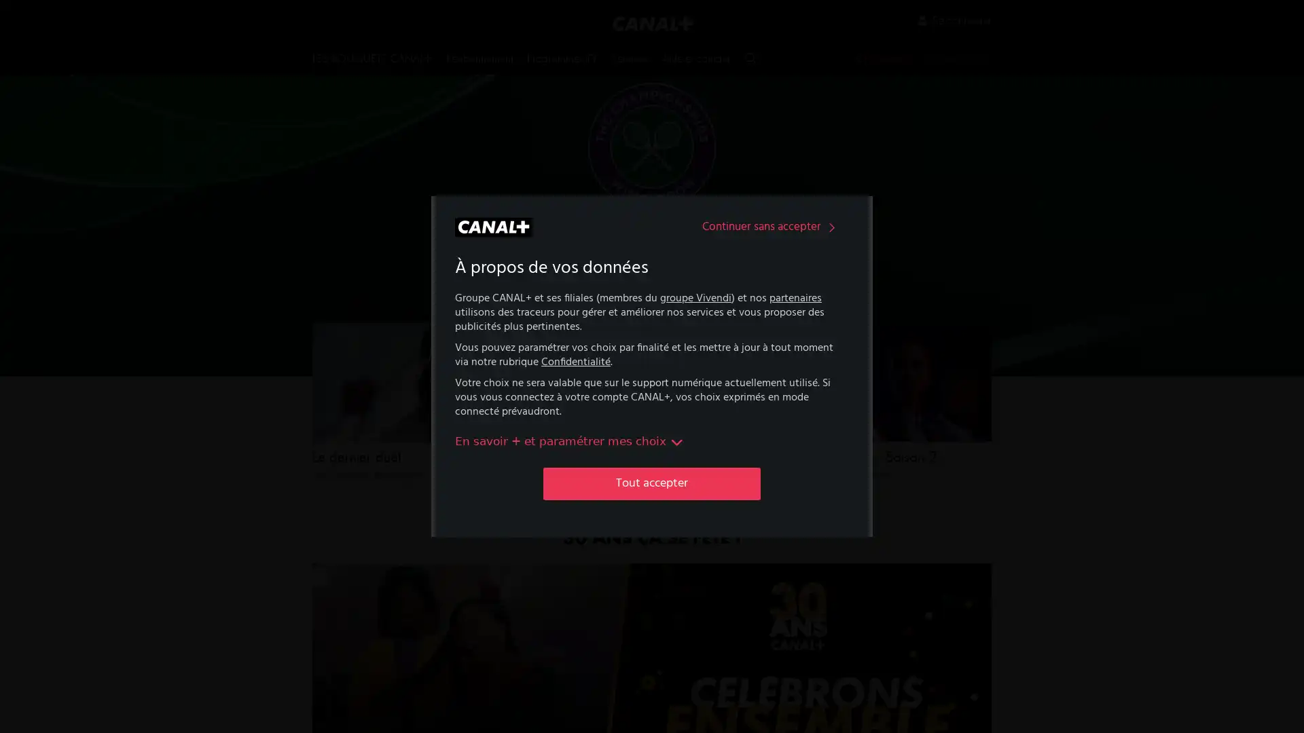 This screenshot has width=1304, height=733. I want to click on Niger, so click(781, 282).